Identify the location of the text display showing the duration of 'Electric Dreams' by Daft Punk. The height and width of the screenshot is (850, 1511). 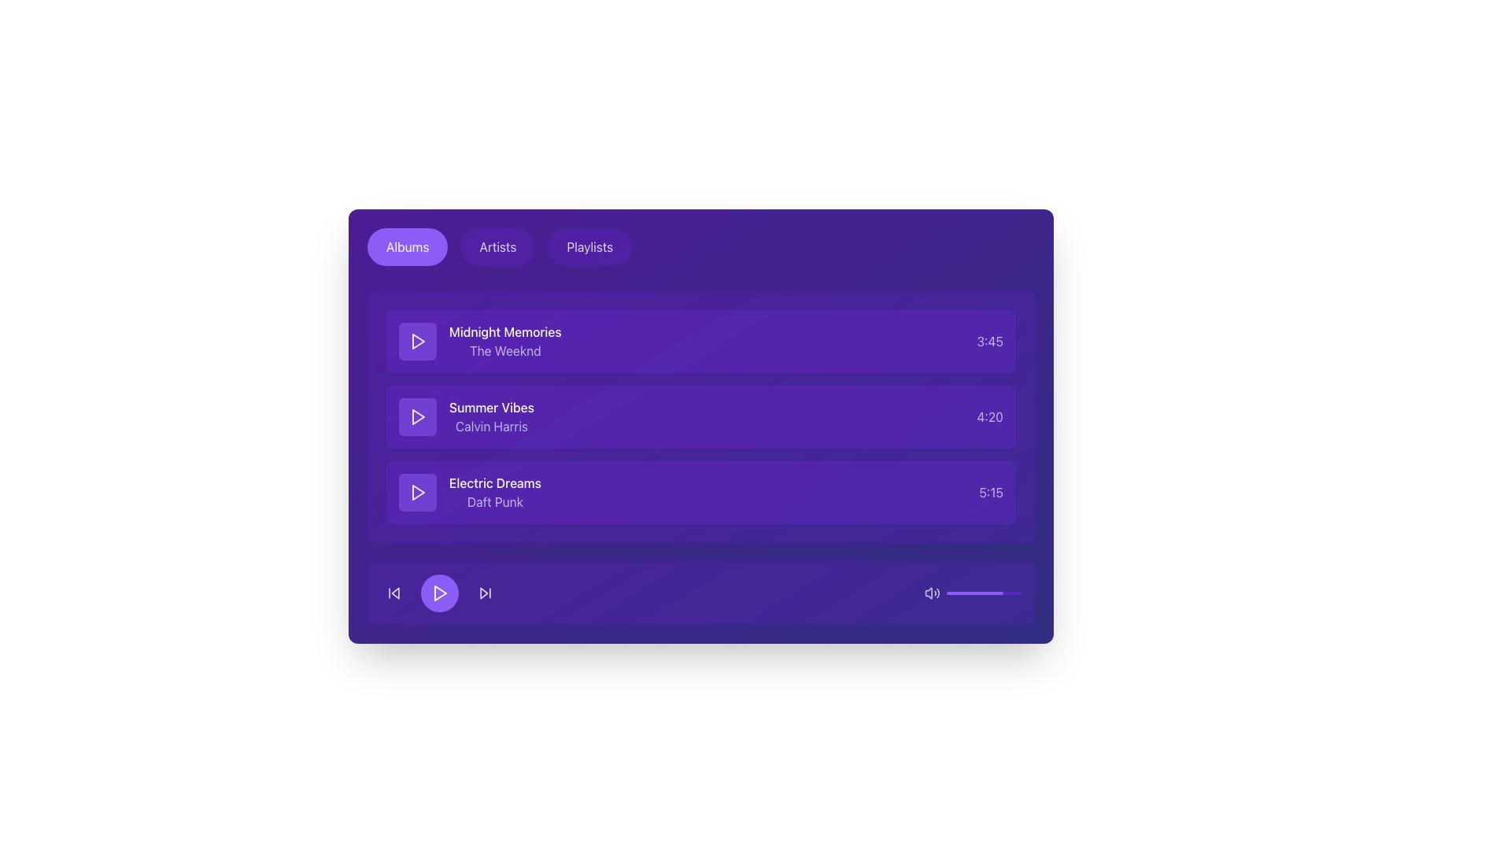
(990, 491).